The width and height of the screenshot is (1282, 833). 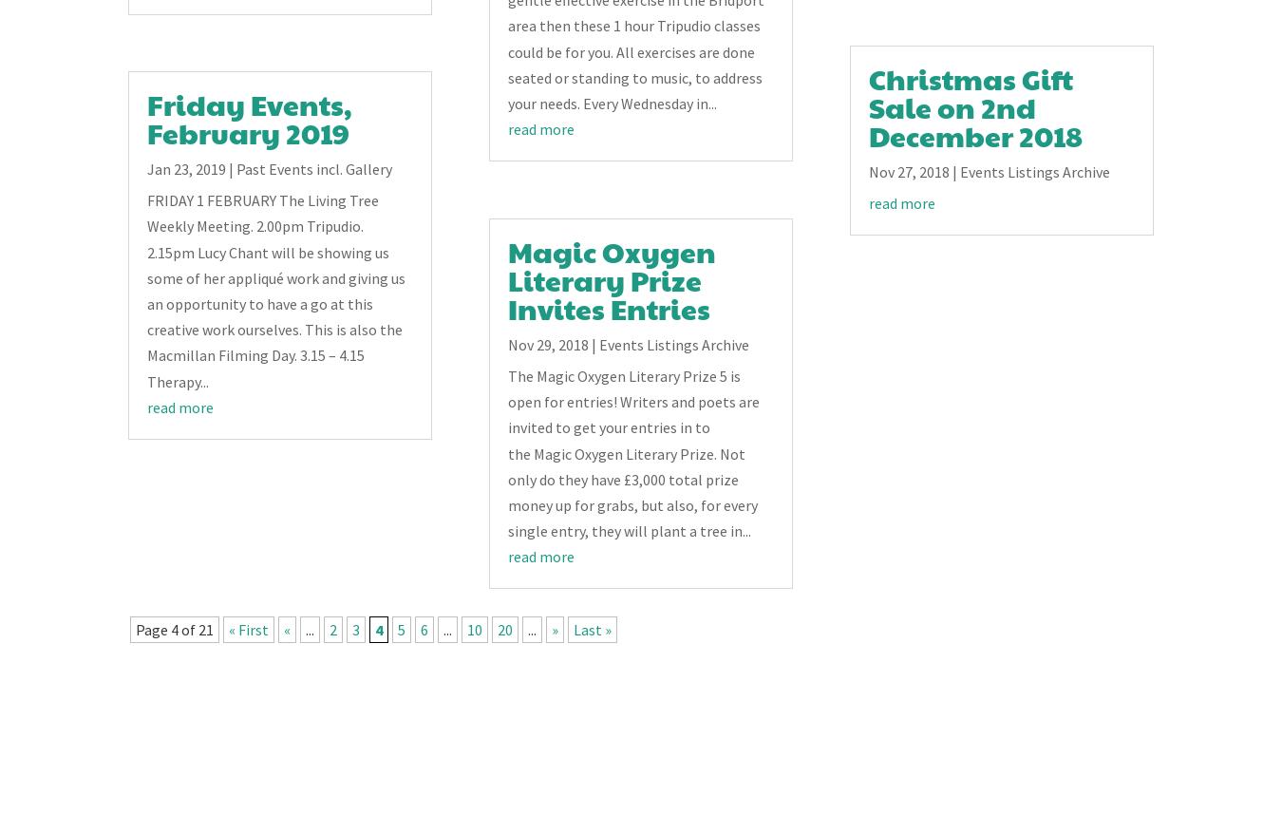 What do you see at coordinates (496, 630) in the screenshot?
I see `'20'` at bounding box center [496, 630].